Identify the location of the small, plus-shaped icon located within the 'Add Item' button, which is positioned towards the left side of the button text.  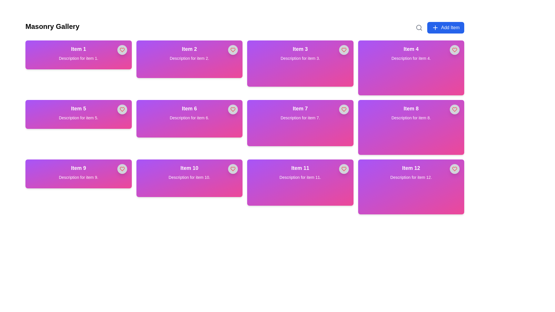
(435, 28).